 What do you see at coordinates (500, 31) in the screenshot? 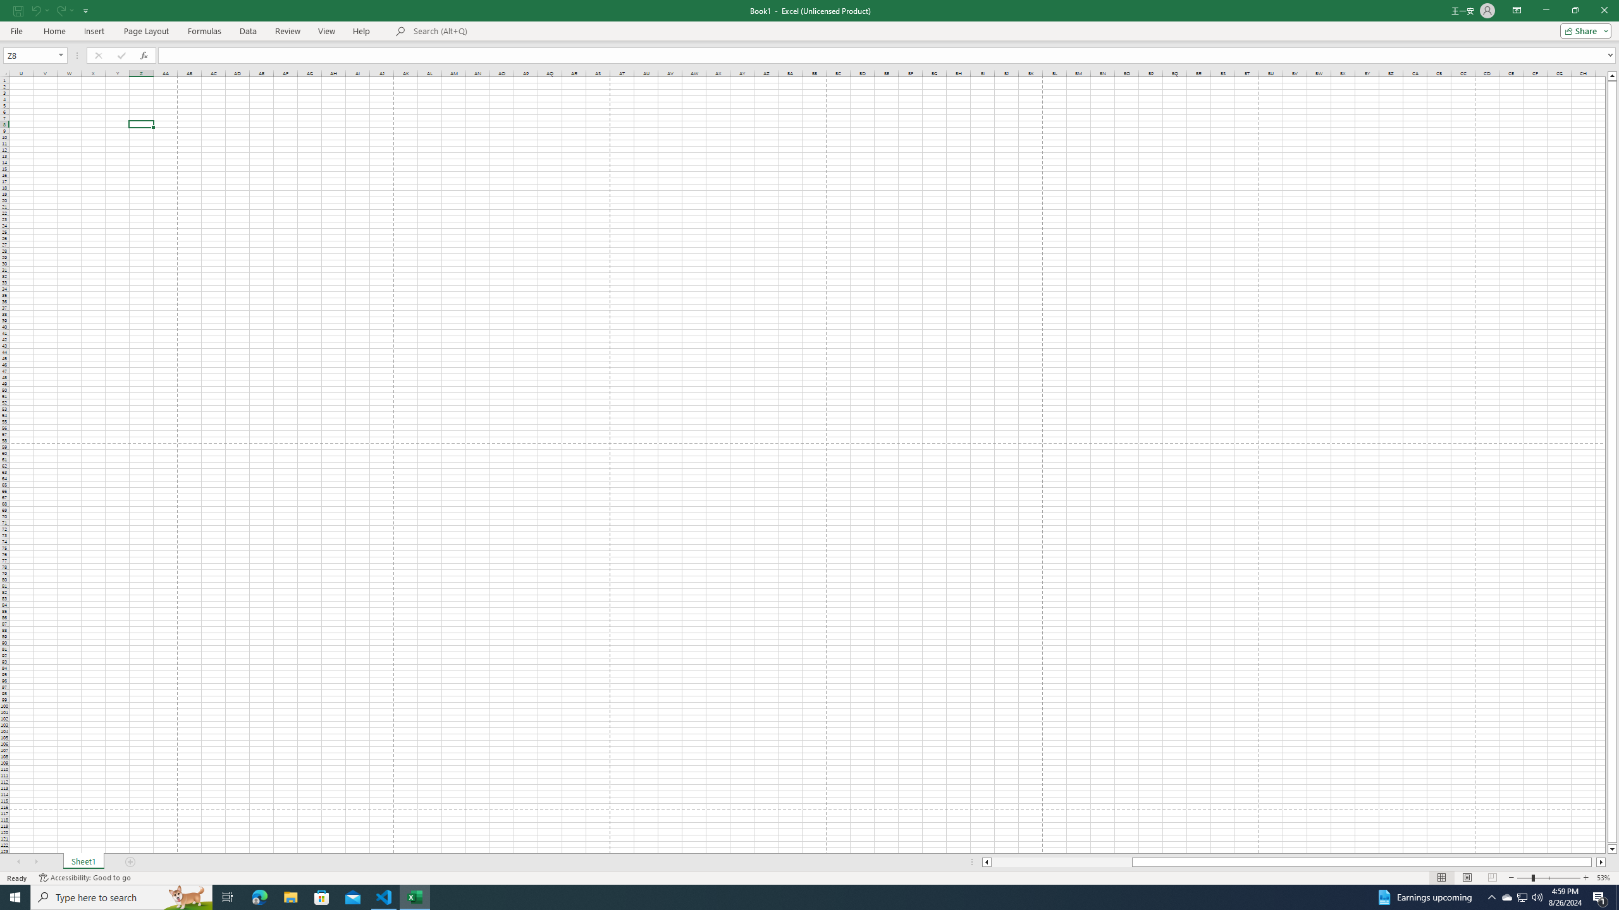
I see `'Microsoft search'` at bounding box center [500, 31].